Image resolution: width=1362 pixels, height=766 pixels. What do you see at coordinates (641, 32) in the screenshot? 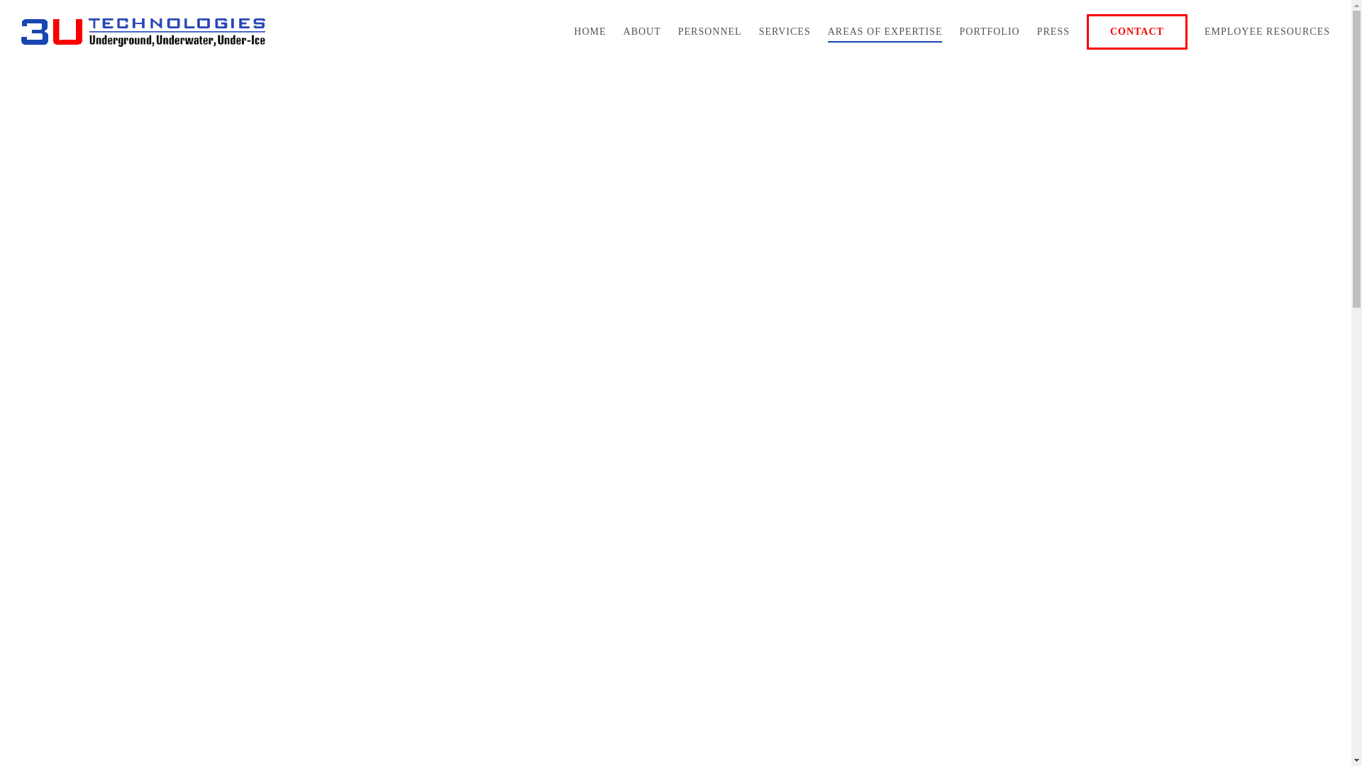
I see `'ABOUT'` at bounding box center [641, 32].